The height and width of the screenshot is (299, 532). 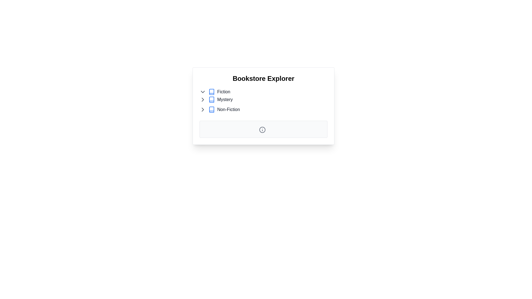 I want to click on the icon representing the 'Fiction' category, which is located in the left-center region of the interface, between a chevron down icon and the text 'Fiction', so click(x=211, y=91).